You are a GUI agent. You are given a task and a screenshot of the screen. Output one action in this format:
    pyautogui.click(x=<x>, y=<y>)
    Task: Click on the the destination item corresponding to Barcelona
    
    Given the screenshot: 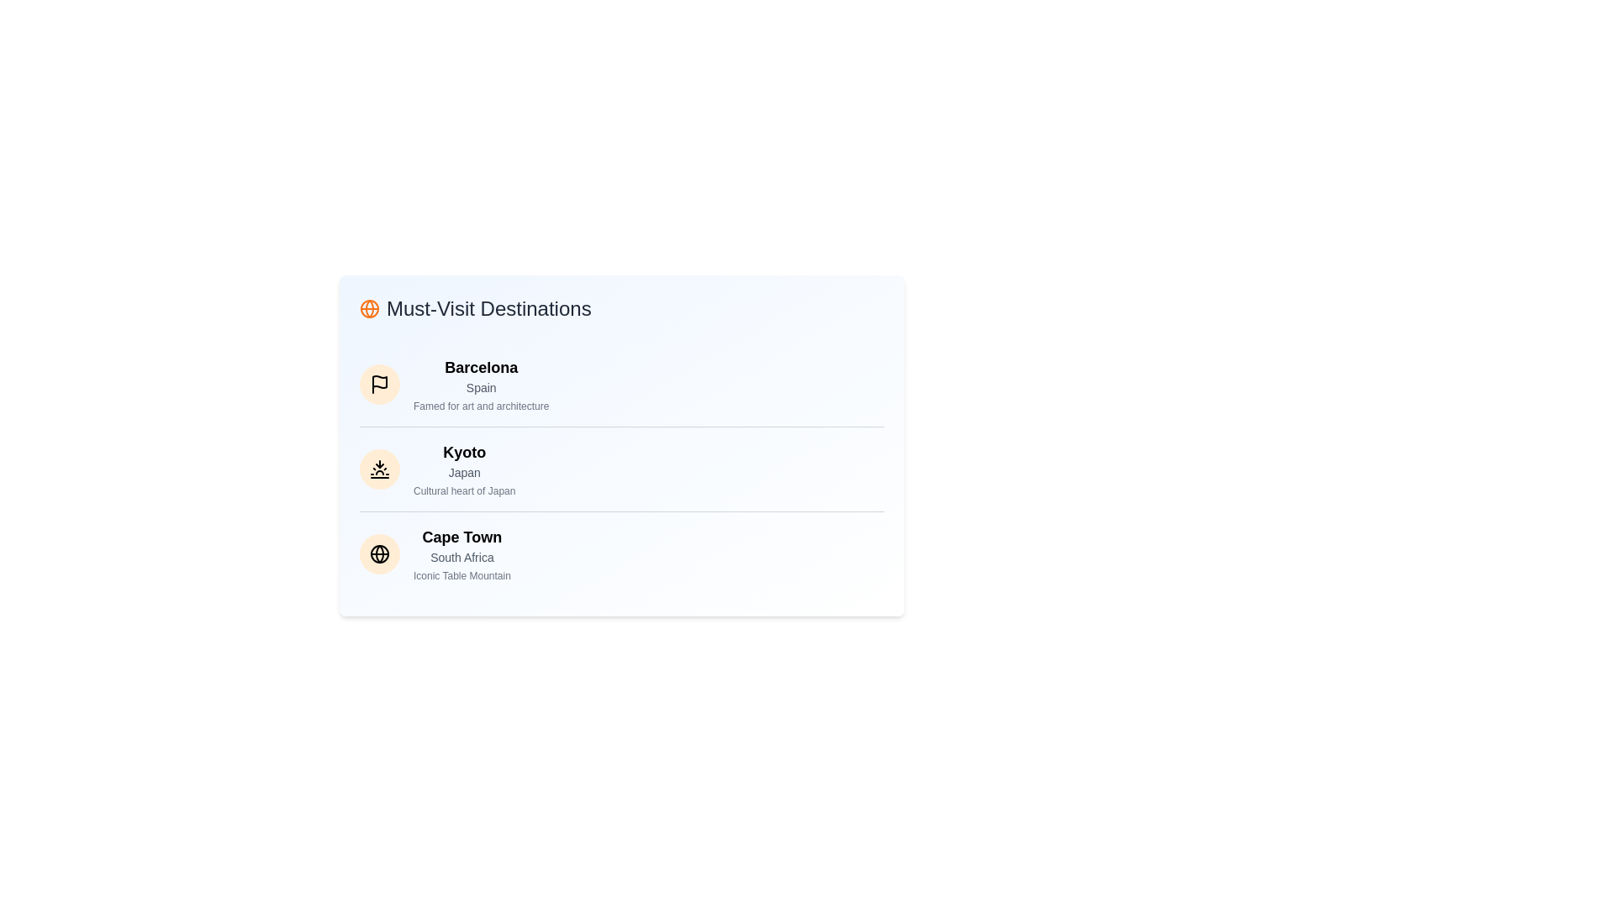 What is the action you would take?
    pyautogui.click(x=378, y=385)
    